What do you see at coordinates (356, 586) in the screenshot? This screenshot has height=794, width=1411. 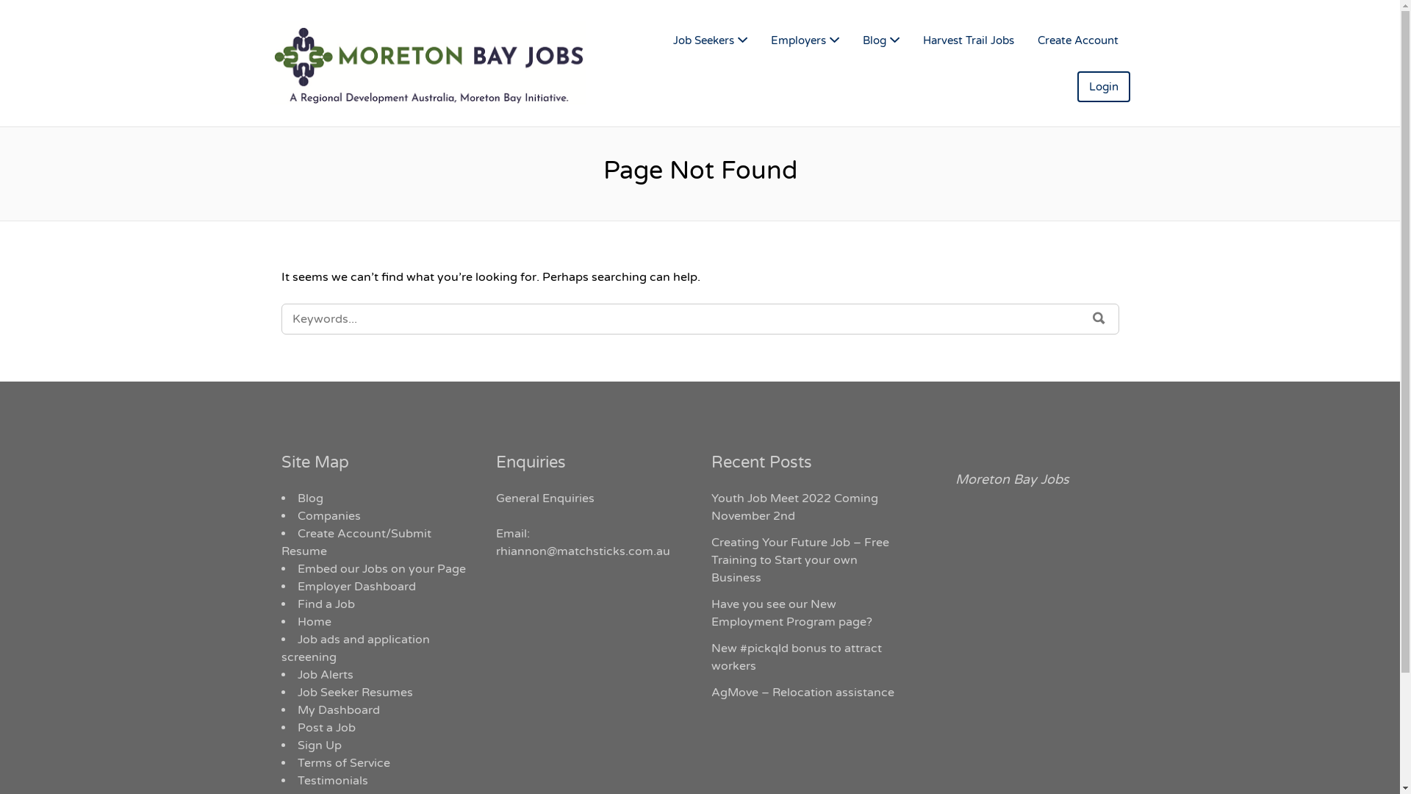 I see `'Employer Dashboard'` at bounding box center [356, 586].